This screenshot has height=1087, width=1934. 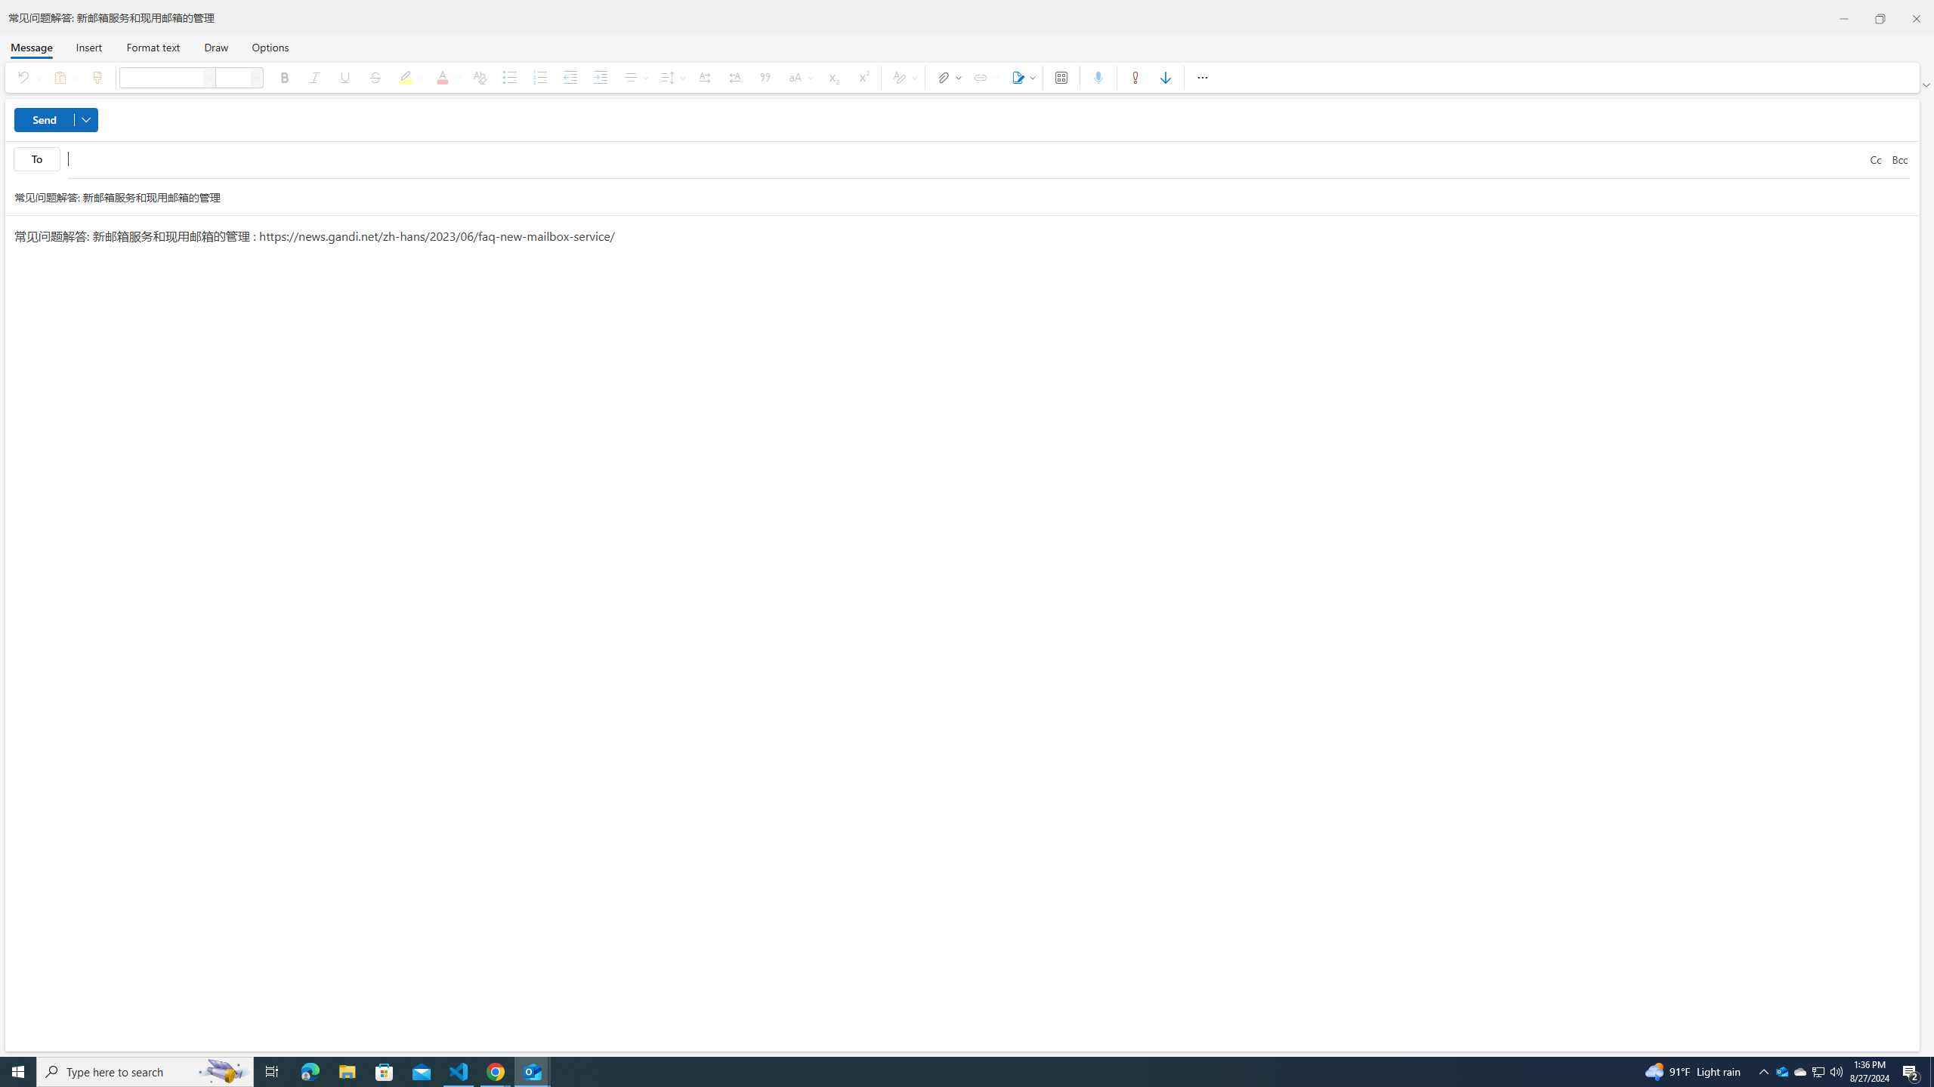 I want to click on 'Left-to-right', so click(x=705, y=77).